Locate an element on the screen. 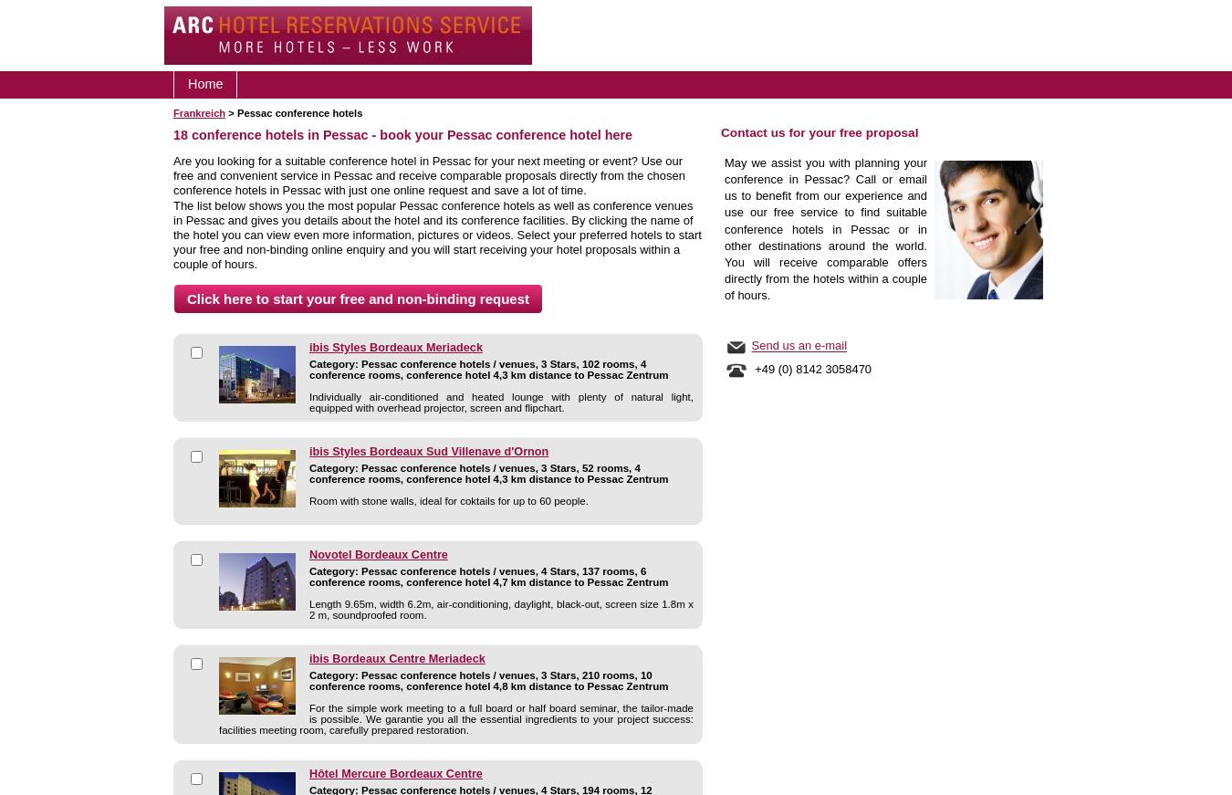 The width and height of the screenshot is (1232, 795). 'Hôtel Mercure Bordeaux Centre' is located at coordinates (395, 774).